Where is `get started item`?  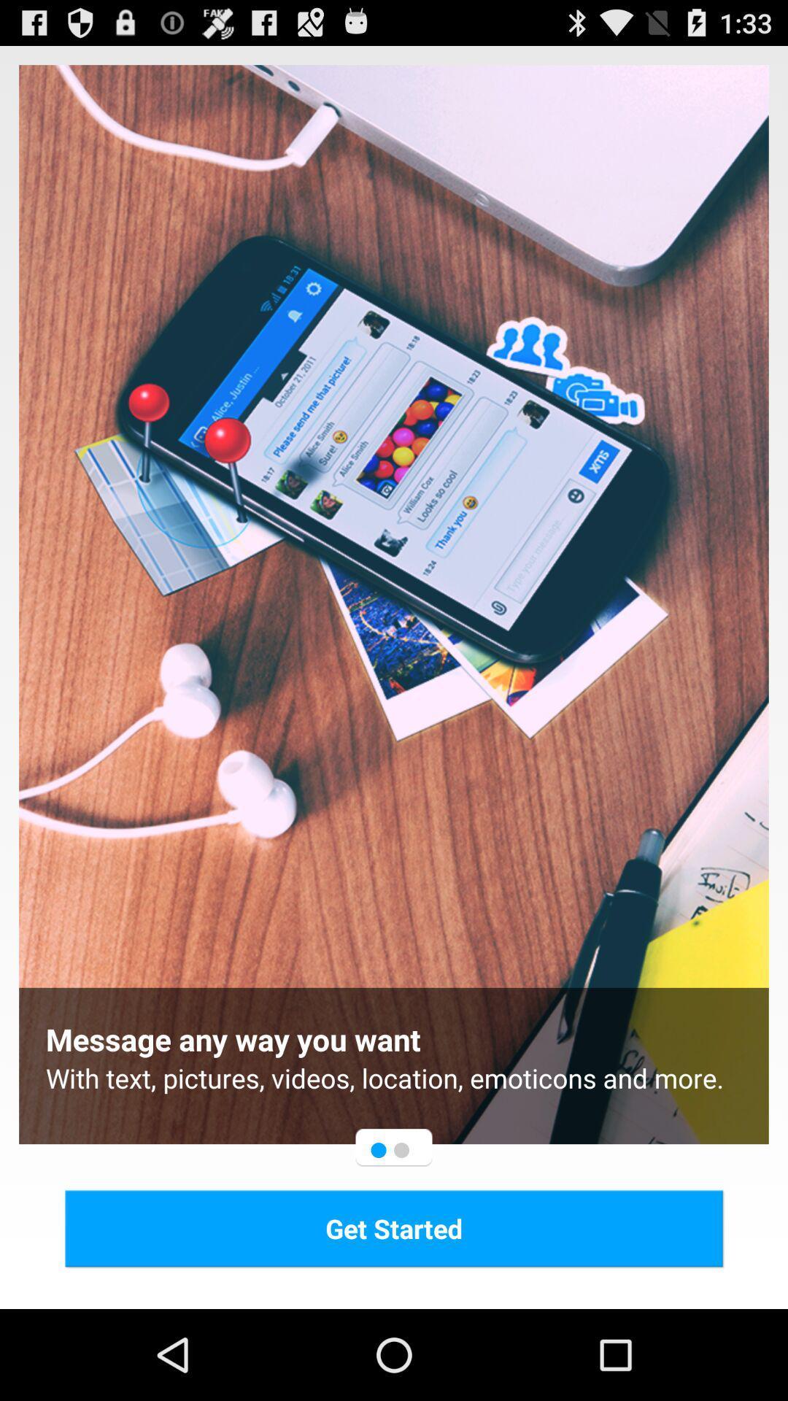
get started item is located at coordinates (394, 1227).